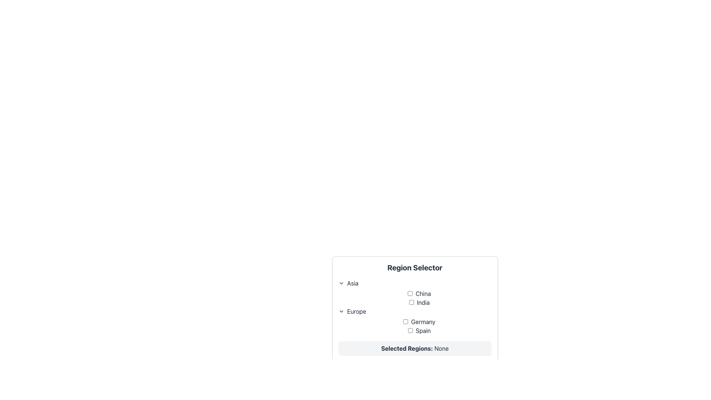 This screenshot has height=400, width=711. Describe the element at coordinates (419, 293) in the screenshot. I see `the checkbox associated with the 'China' text label located under the 'Asia' section in the region selection interface` at that location.